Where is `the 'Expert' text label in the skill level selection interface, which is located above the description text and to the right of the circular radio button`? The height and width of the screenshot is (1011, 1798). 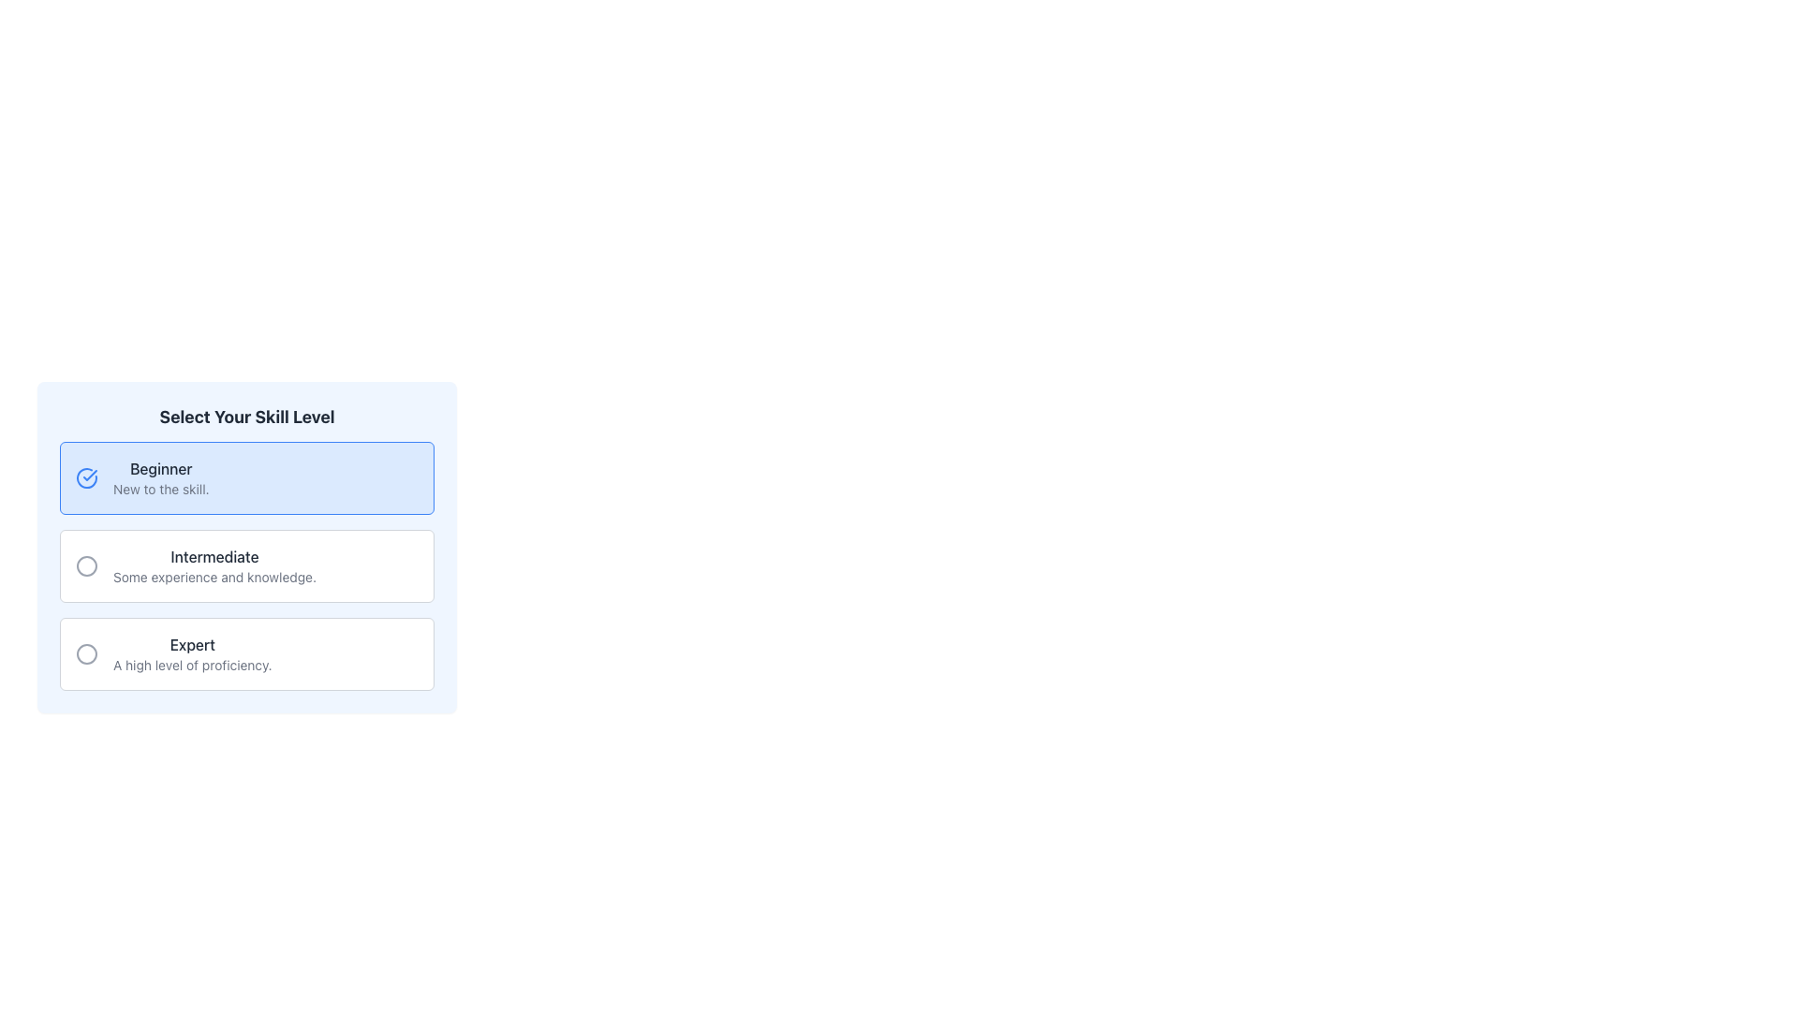 the 'Expert' text label in the skill level selection interface, which is located above the description text and to the right of the circular radio button is located at coordinates (192, 644).